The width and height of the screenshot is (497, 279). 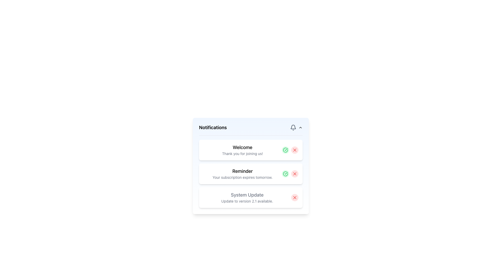 I want to click on the bell icon located in the top-right corner of the notification box, so click(x=293, y=127).